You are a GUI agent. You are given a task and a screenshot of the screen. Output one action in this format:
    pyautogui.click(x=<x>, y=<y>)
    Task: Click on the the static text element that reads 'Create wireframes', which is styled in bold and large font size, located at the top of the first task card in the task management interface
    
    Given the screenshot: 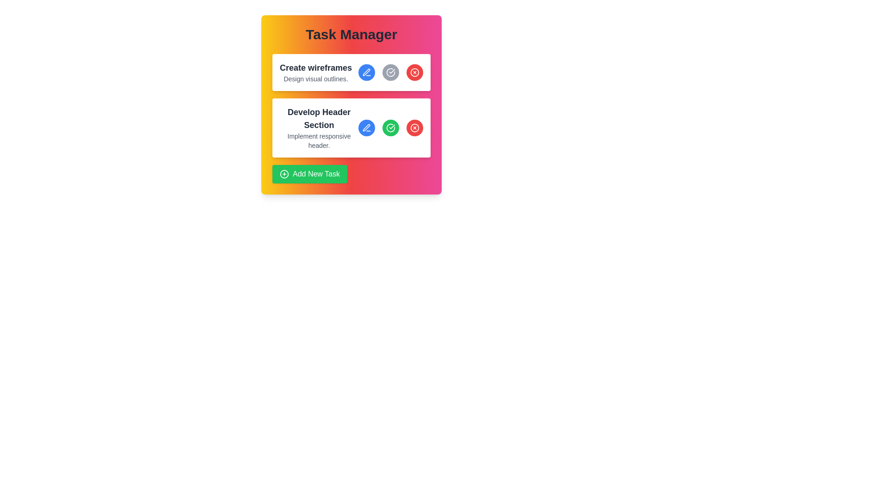 What is the action you would take?
    pyautogui.click(x=316, y=67)
    